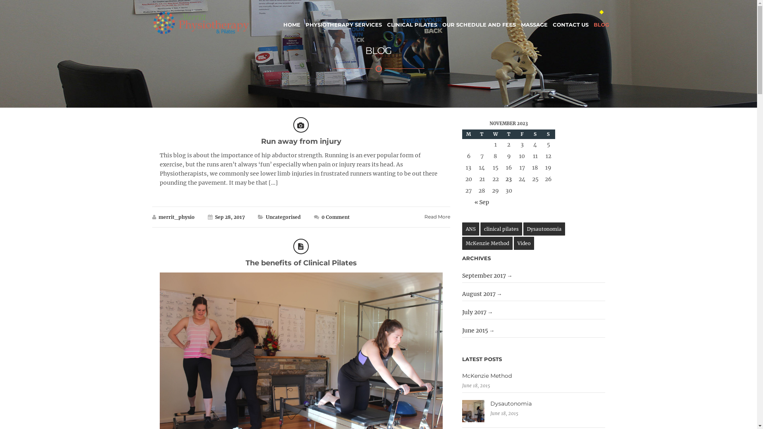  I want to click on 'CONTACT US', so click(570, 19).